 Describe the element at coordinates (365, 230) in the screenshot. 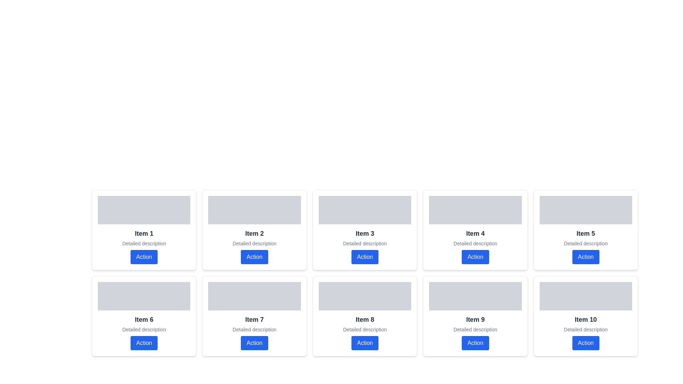

I see `the third card in the top row of the grid layout, which is used for displaying summarized information` at that location.